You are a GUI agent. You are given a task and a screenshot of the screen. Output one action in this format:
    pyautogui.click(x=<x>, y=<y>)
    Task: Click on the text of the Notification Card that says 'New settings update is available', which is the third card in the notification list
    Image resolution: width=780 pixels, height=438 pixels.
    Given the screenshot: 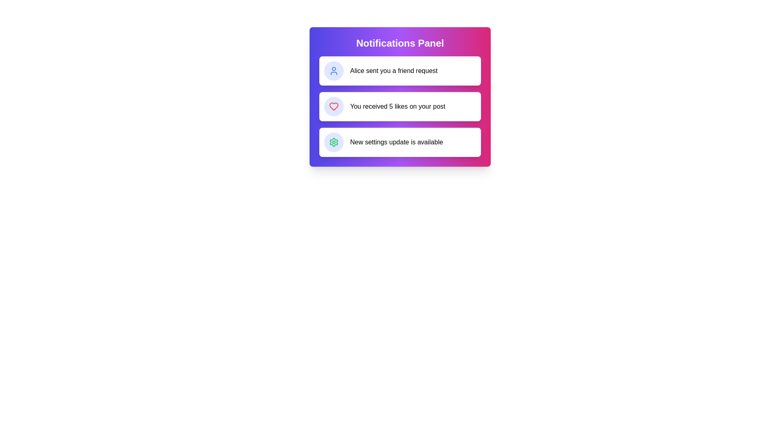 What is the action you would take?
    pyautogui.click(x=400, y=142)
    